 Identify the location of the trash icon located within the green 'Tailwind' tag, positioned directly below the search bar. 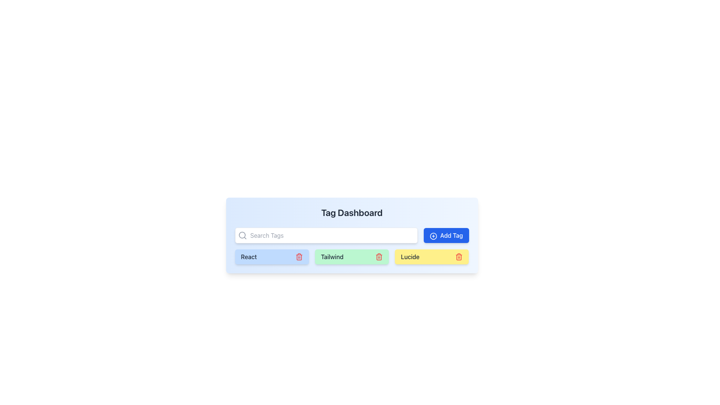
(379, 257).